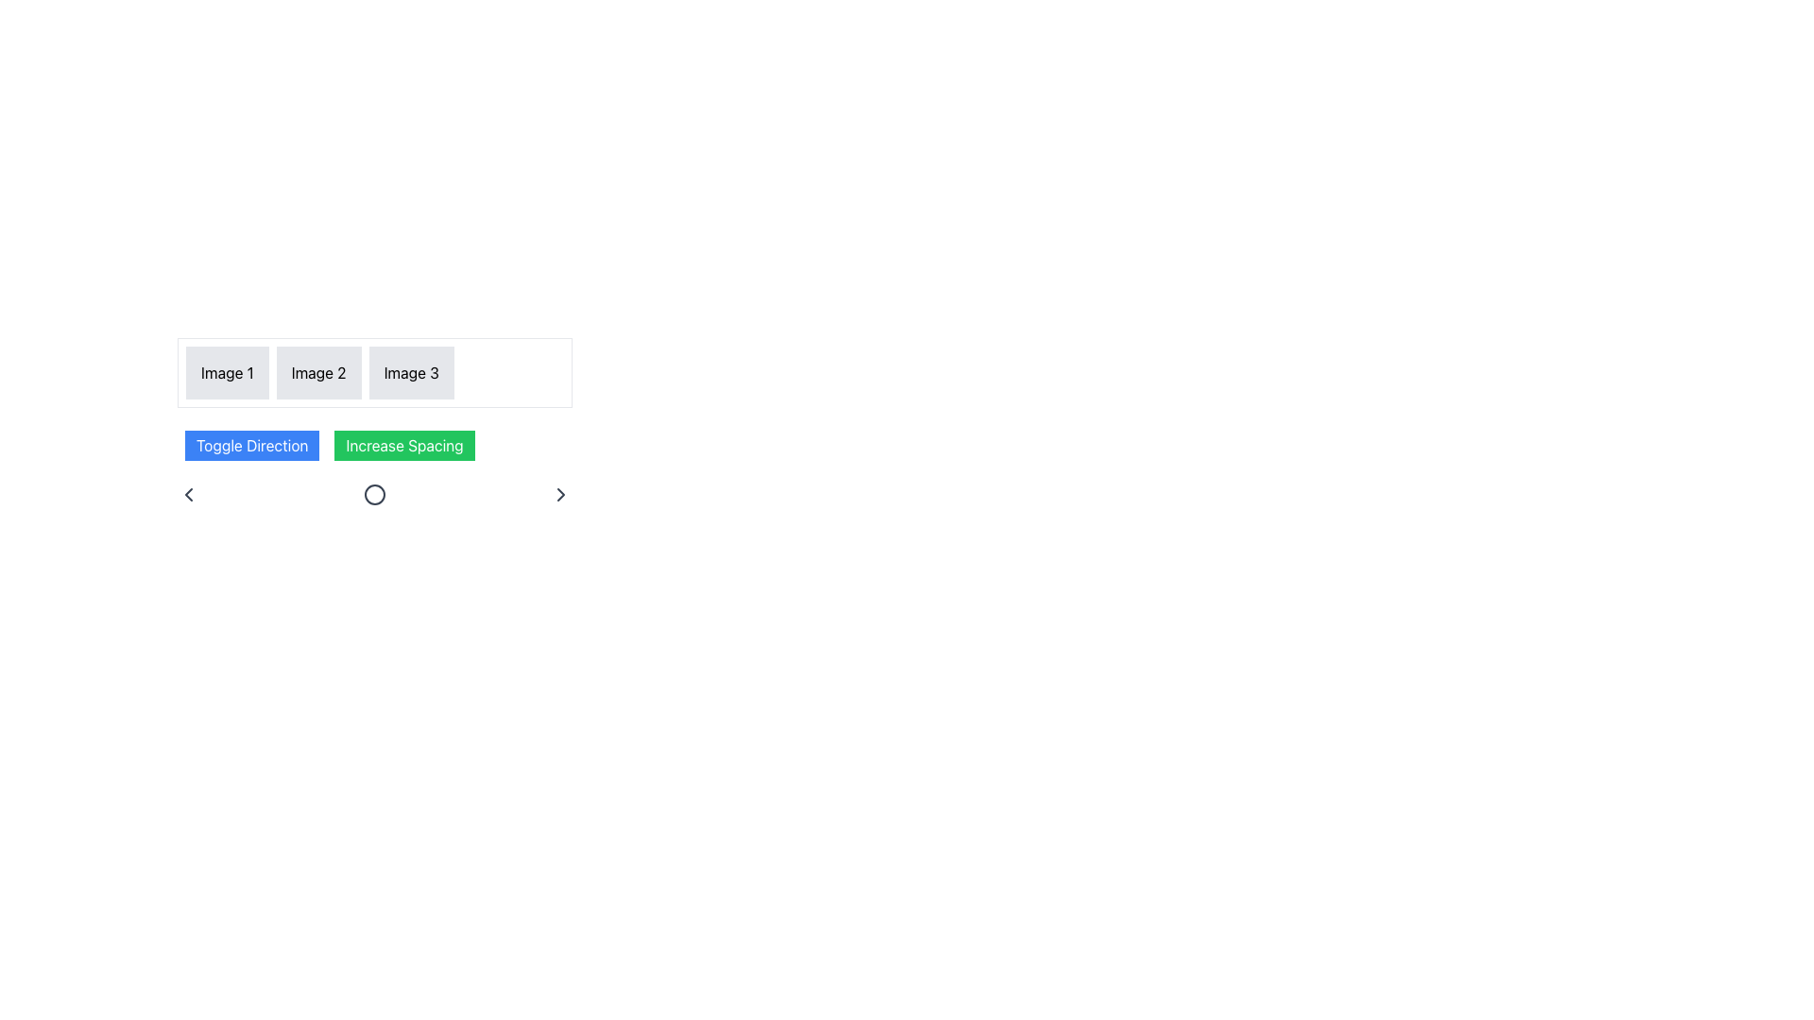  I want to click on the rightmost icon-based button on the horizontal control panel, so click(560, 494).